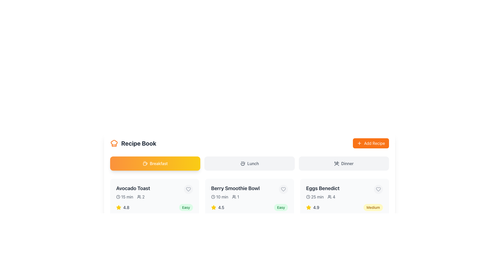  What do you see at coordinates (243, 164) in the screenshot?
I see `the food or recipe category icon located in the top bar section, far right in the group of icons` at bounding box center [243, 164].